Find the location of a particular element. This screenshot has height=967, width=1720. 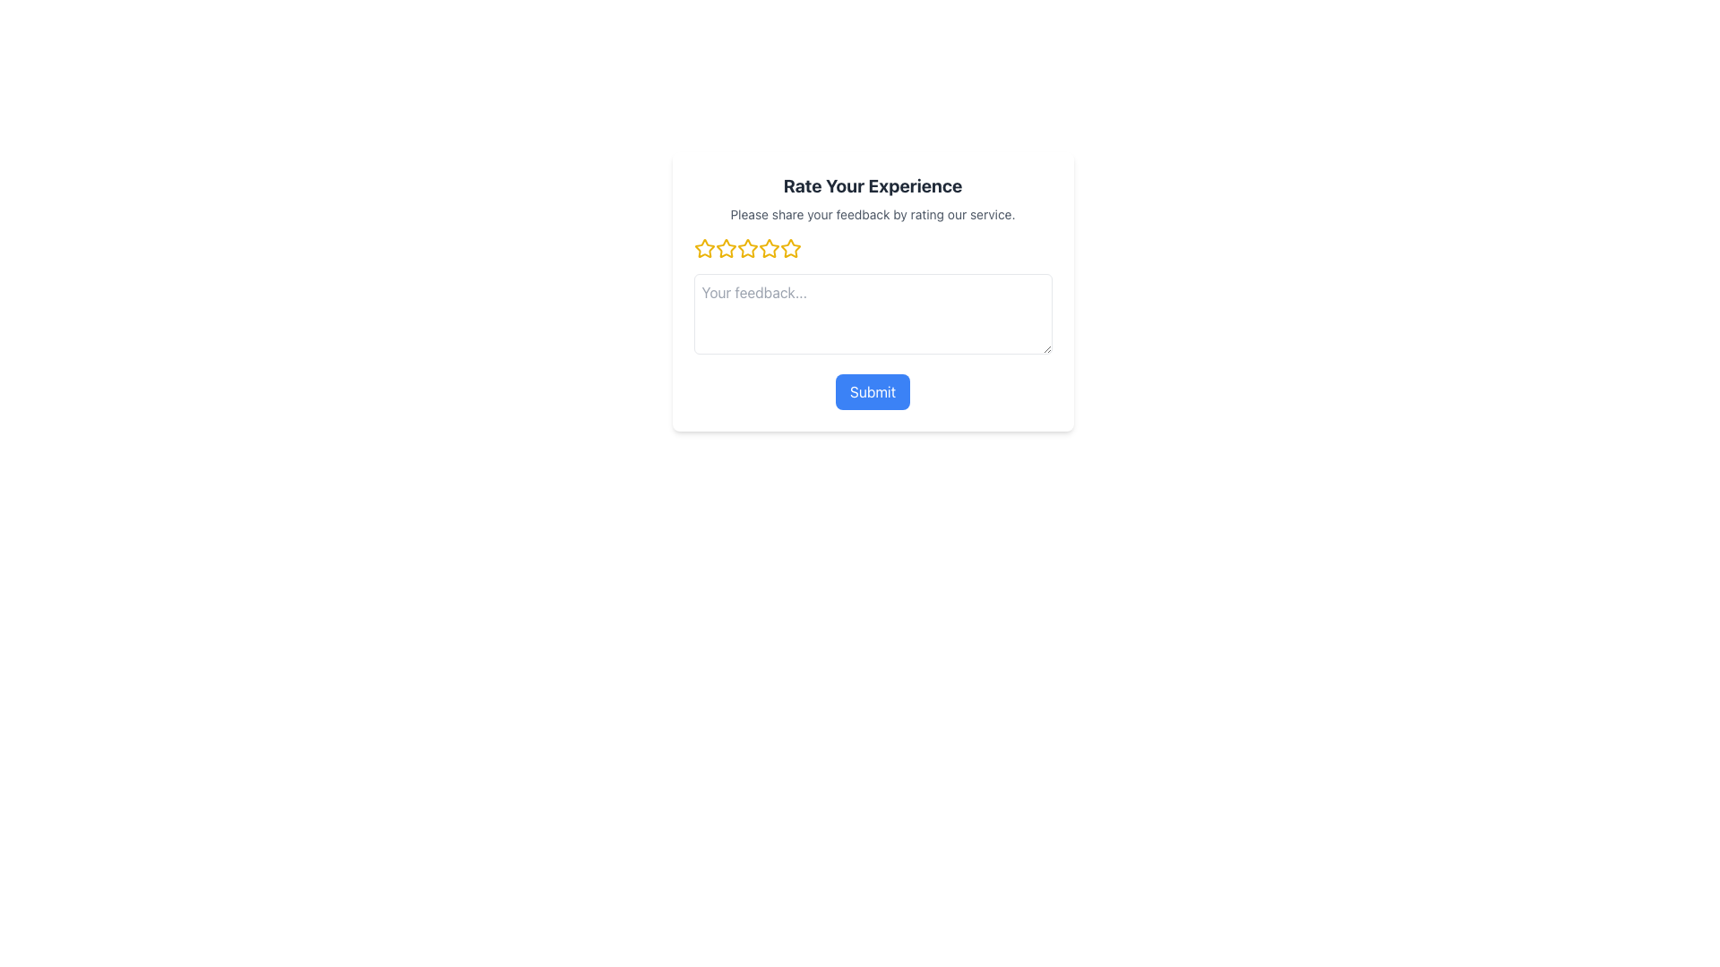

the yellow star icon used for rating, which is the leftmost star in a horizontal row of five stars below the 'Rate Your Experience' title is located at coordinates (703, 248).